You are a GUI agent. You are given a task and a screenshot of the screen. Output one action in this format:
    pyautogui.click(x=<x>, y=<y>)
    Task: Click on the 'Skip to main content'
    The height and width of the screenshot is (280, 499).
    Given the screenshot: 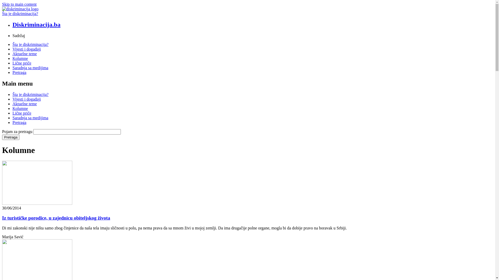 What is the action you would take?
    pyautogui.click(x=19, y=4)
    